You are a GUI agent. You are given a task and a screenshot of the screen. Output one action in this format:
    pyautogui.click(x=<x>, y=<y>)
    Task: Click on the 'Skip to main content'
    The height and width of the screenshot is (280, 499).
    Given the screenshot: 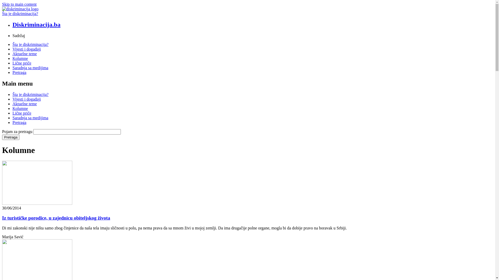 What is the action you would take?
    pyautogui.click(x=19, y=4)
    